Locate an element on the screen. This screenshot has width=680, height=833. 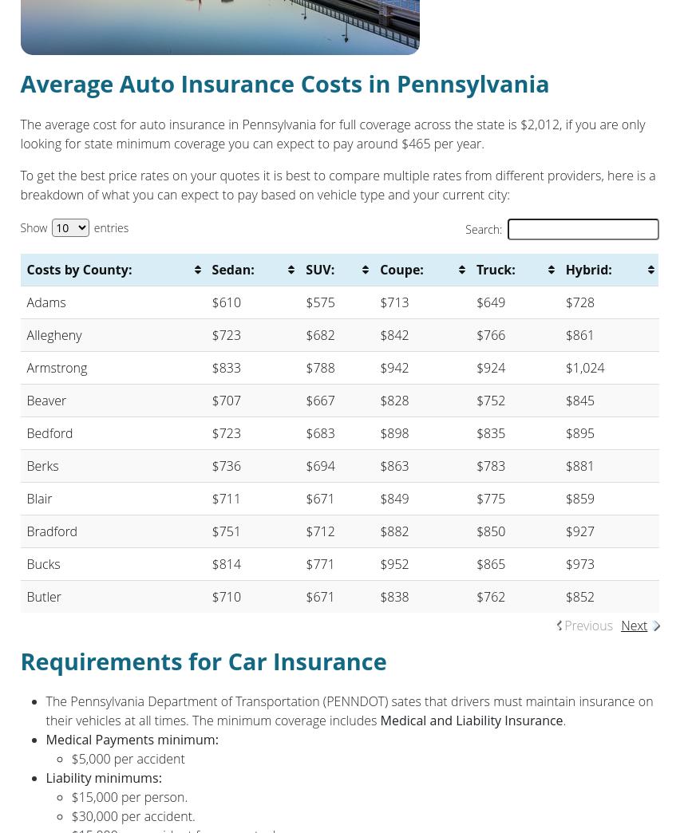
'CheapCarInsurance' is located at coordinates (405, 412).